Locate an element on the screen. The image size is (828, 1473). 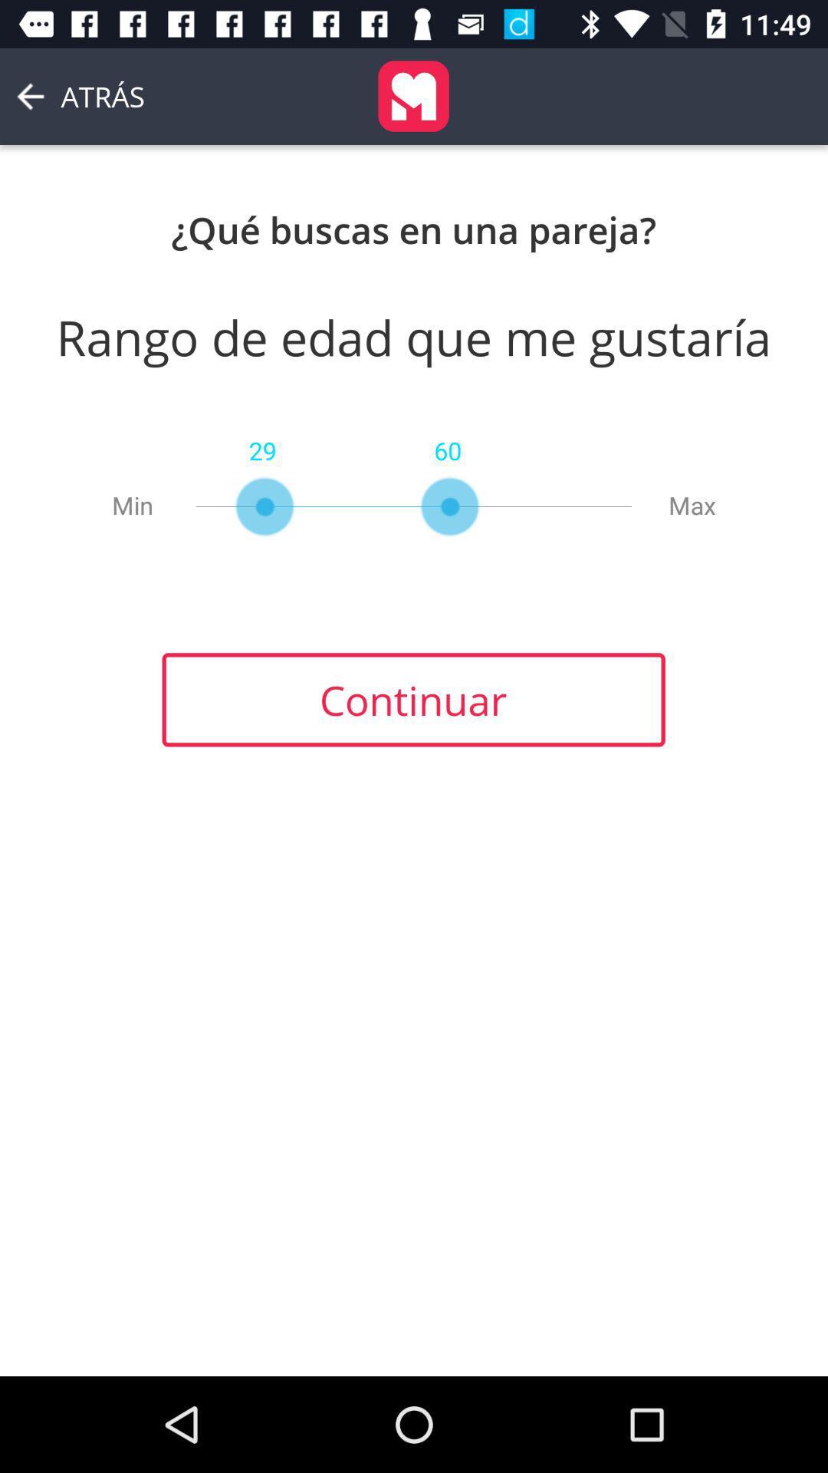
the continuar icon is located at coordinates (412, 699).